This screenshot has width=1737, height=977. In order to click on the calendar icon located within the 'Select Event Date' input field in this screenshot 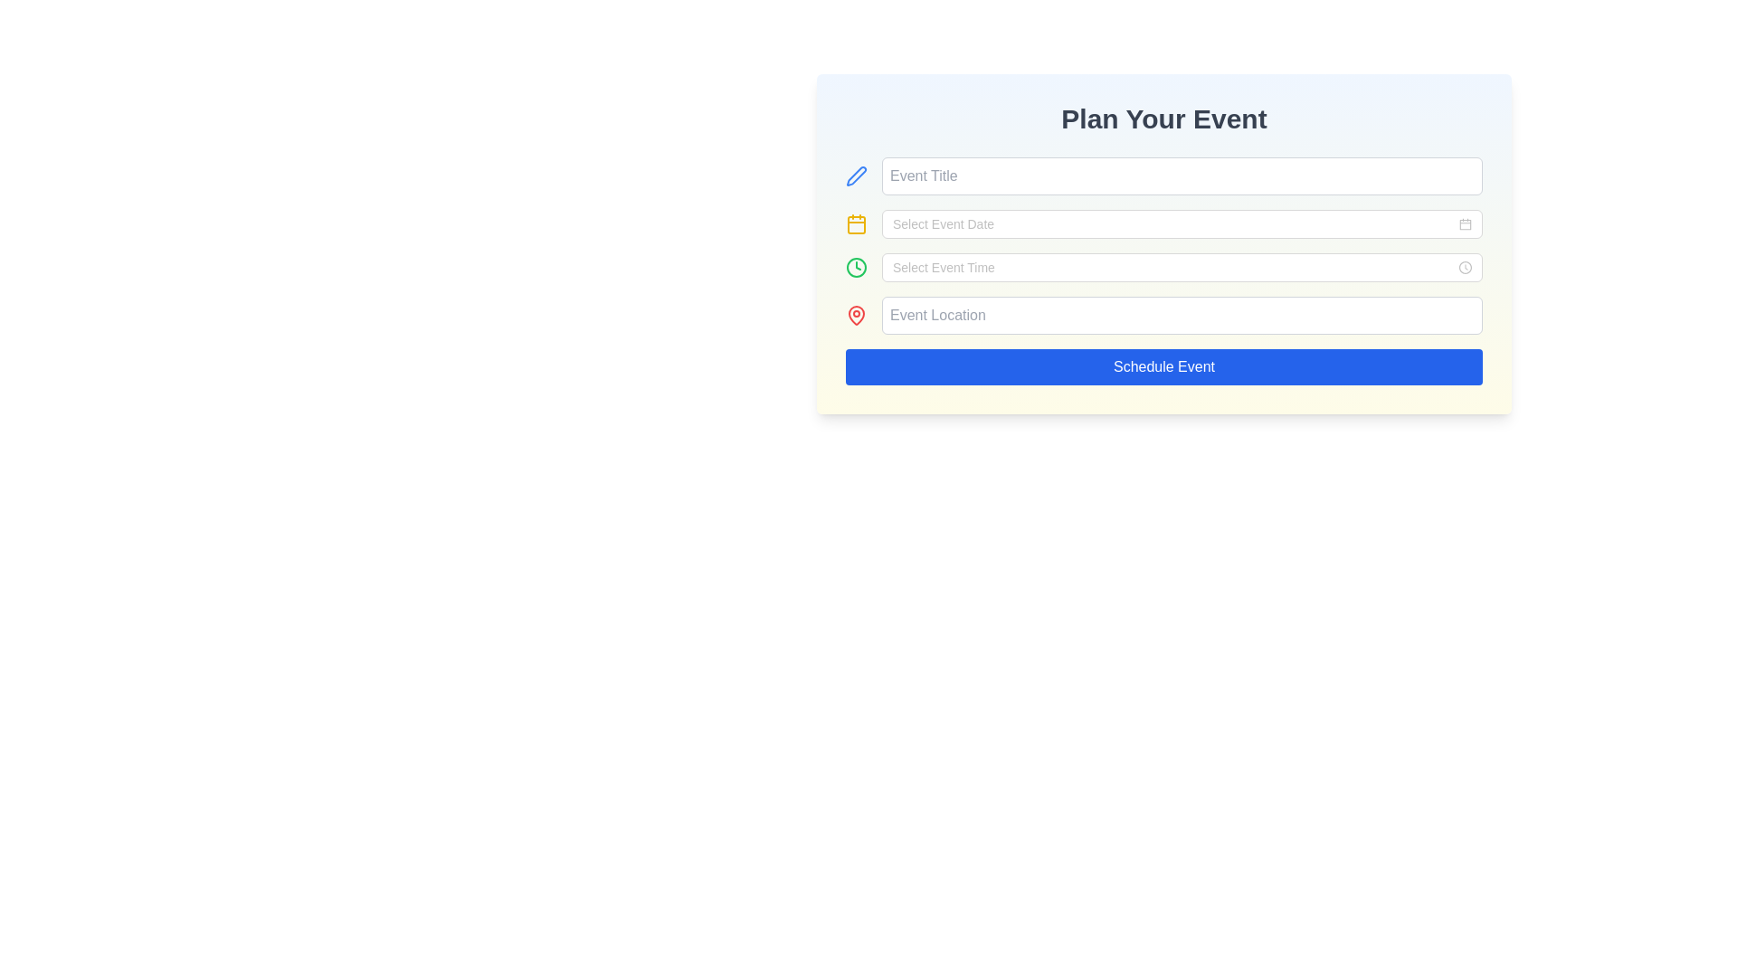, I will do `click(1466, 223)`.